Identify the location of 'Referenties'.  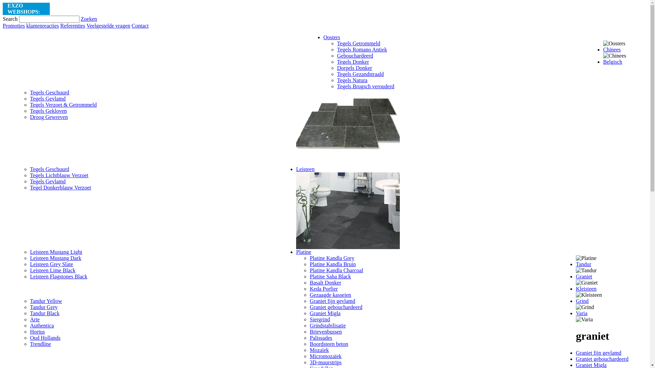
(73, 25).